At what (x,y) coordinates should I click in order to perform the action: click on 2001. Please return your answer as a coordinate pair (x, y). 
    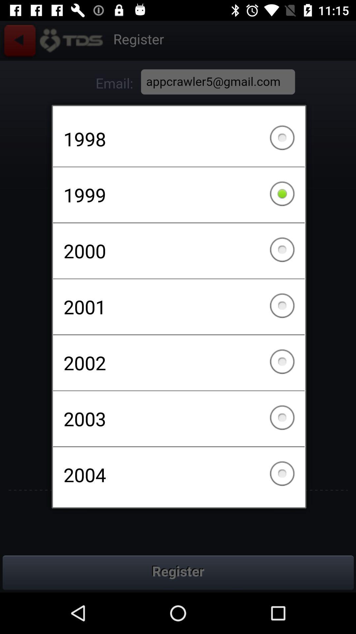
    Looking at the image, I should click on (179, 306).